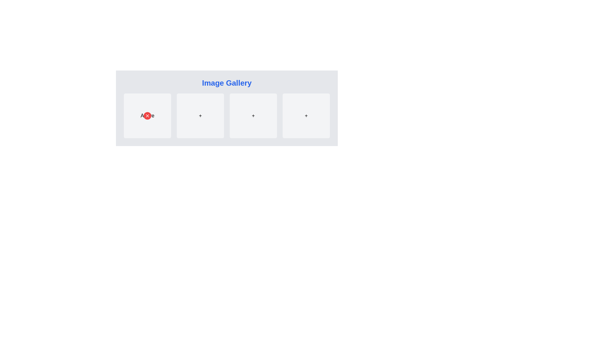 The image size is (605, 340). Describe the element at coordinates (147, 116) in the screenshot. I see `the interactive card component located at the top-left corner of the grid layout` at that location.